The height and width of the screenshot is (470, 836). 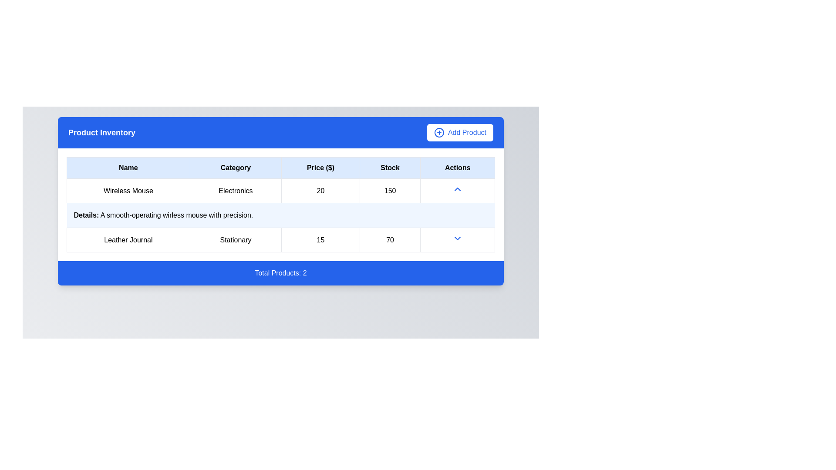 I want to click on the 'Wireless Mouse' category label located in the second cell of the 'Category' column in the table, so click(x=236, y=190).